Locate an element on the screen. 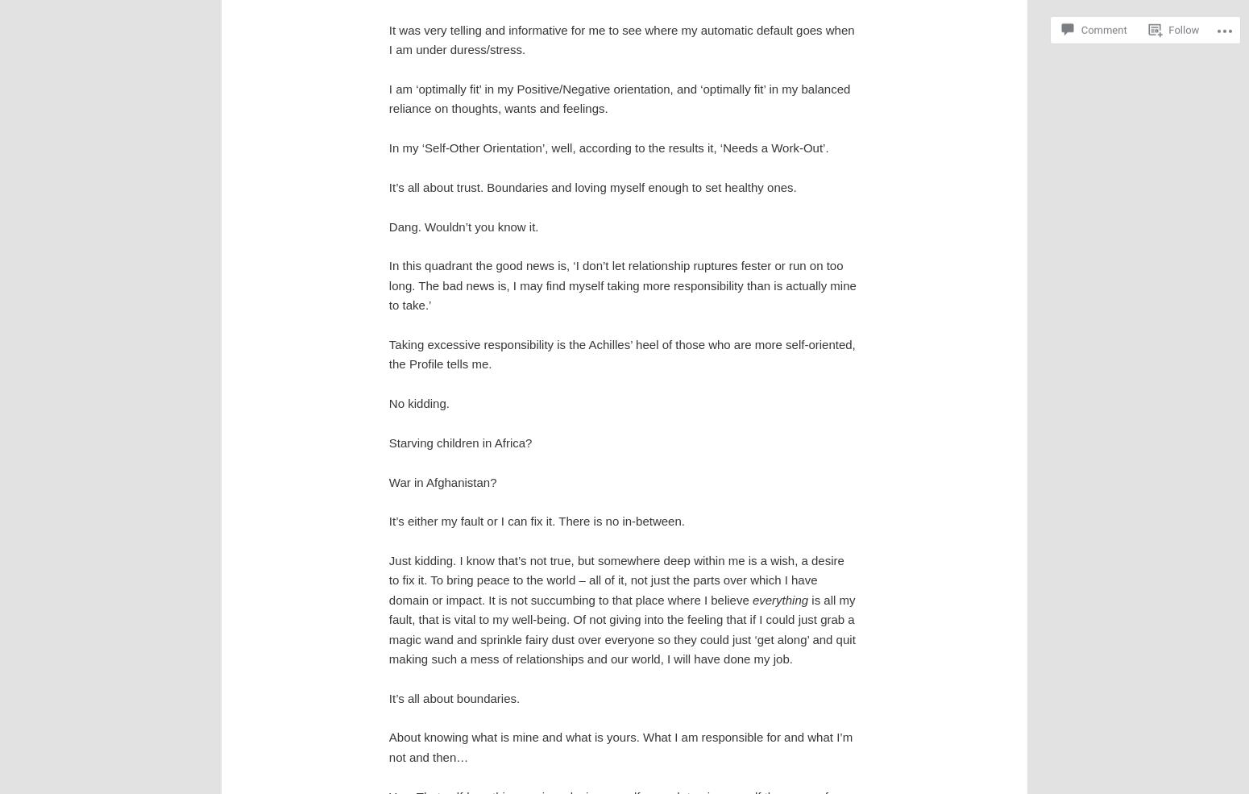 This screenshot has width=1249, height=794. 'In my ‘Self-Other Orientation’, well, according to the results it, ‘Needs a Work-Out’.' is located at coordinates (388, 148).